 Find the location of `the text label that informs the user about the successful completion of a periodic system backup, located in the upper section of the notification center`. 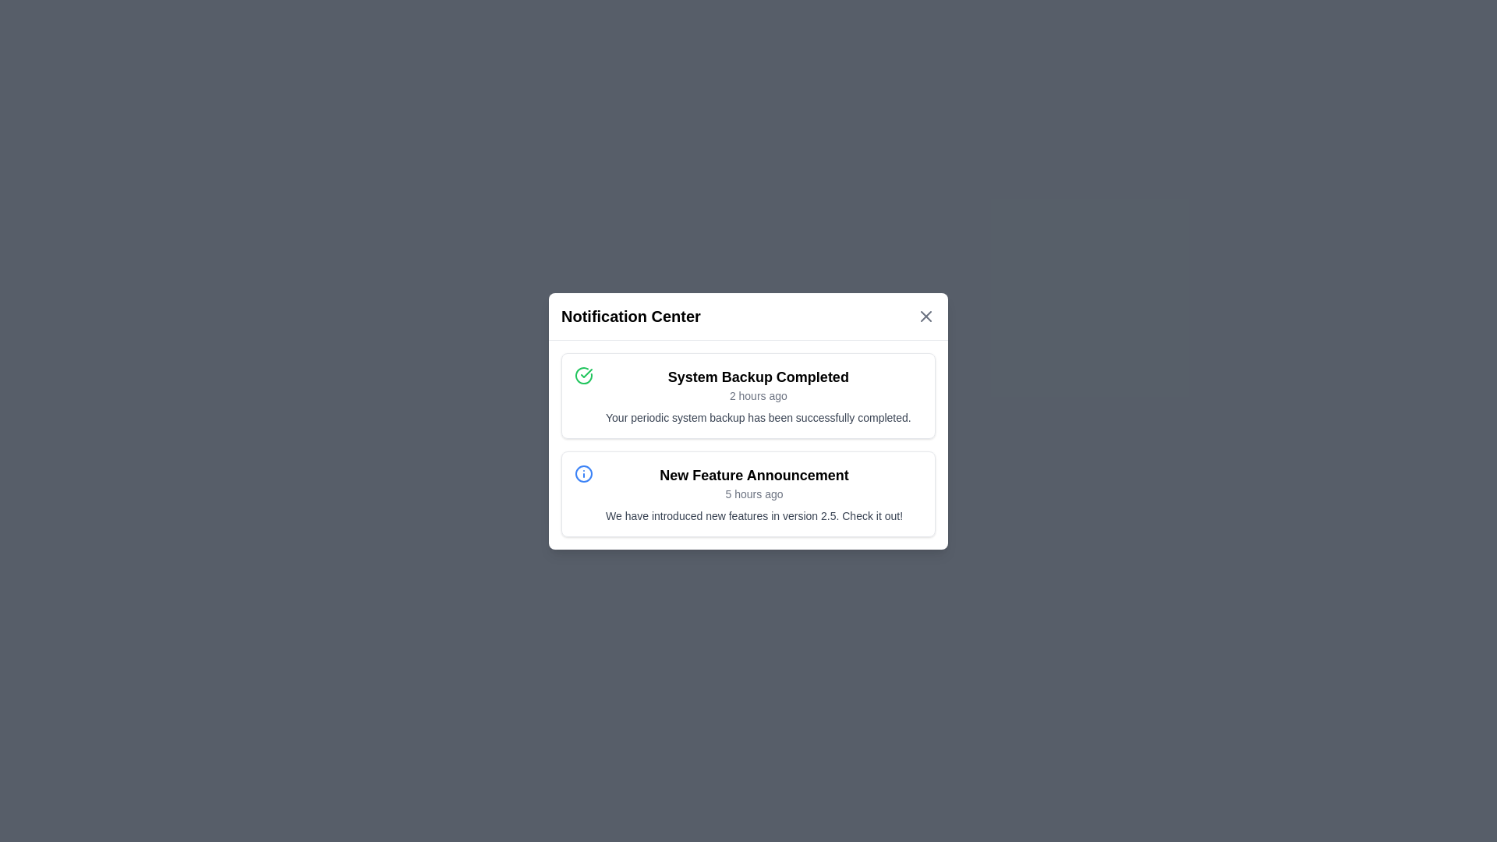

the text label that informs the user about the successful completion of a periodic system backup, located in the upper section of the notification center is located at coordinates (758, 416).